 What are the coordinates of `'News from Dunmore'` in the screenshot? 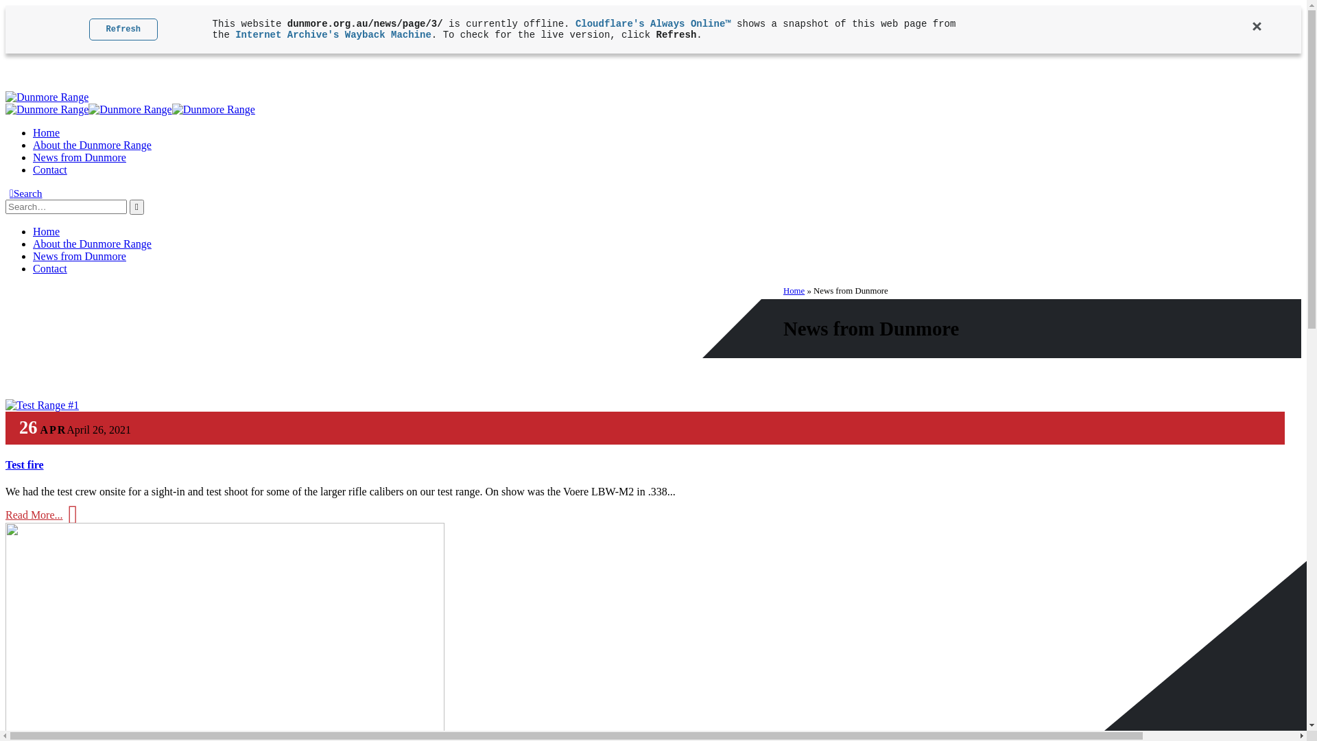 It's located at (78, 256).